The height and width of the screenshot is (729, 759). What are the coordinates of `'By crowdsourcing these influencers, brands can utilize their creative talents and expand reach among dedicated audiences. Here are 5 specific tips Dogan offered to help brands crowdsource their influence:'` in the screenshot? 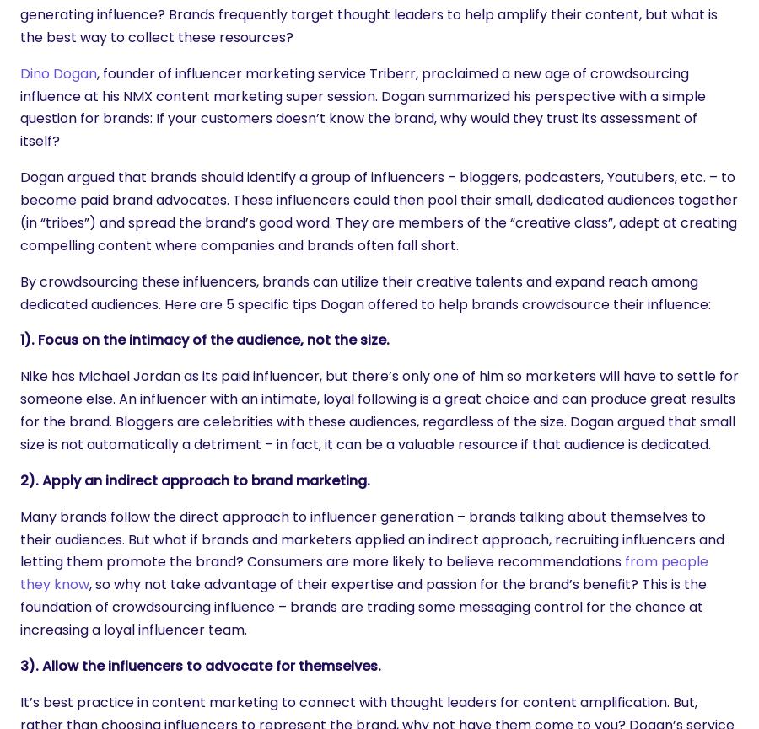 It's located at (365, 292).